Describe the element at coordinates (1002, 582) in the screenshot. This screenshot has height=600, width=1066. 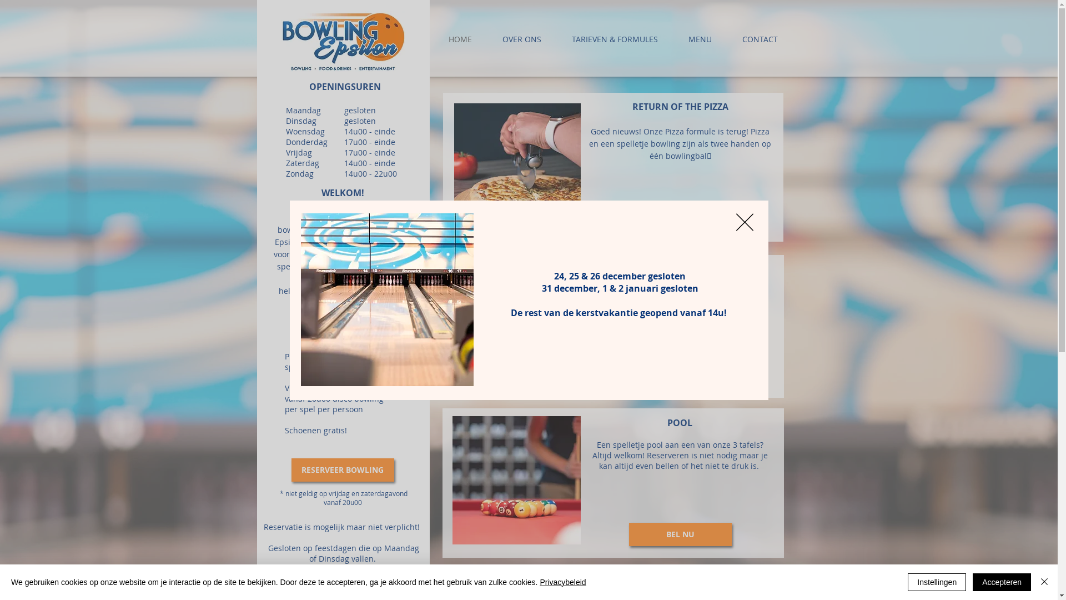
I see `'Accepteren'` at that location.